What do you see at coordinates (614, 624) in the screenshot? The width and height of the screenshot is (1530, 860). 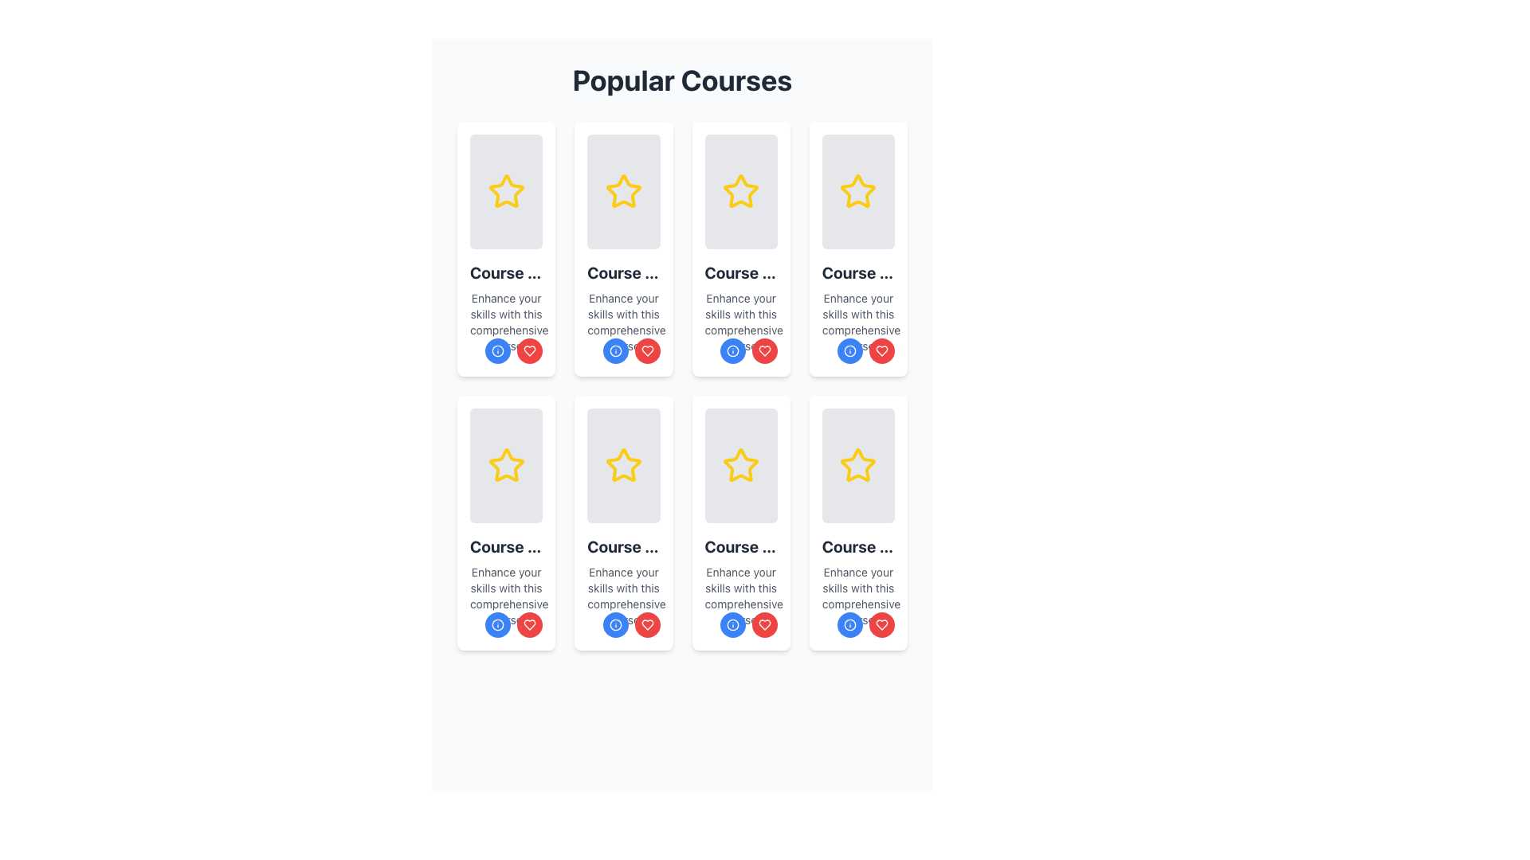 I see `circular graphic element within the SVG icon located in the 'Popular Courses' section of the card layout` at bounding box center [614, 624].